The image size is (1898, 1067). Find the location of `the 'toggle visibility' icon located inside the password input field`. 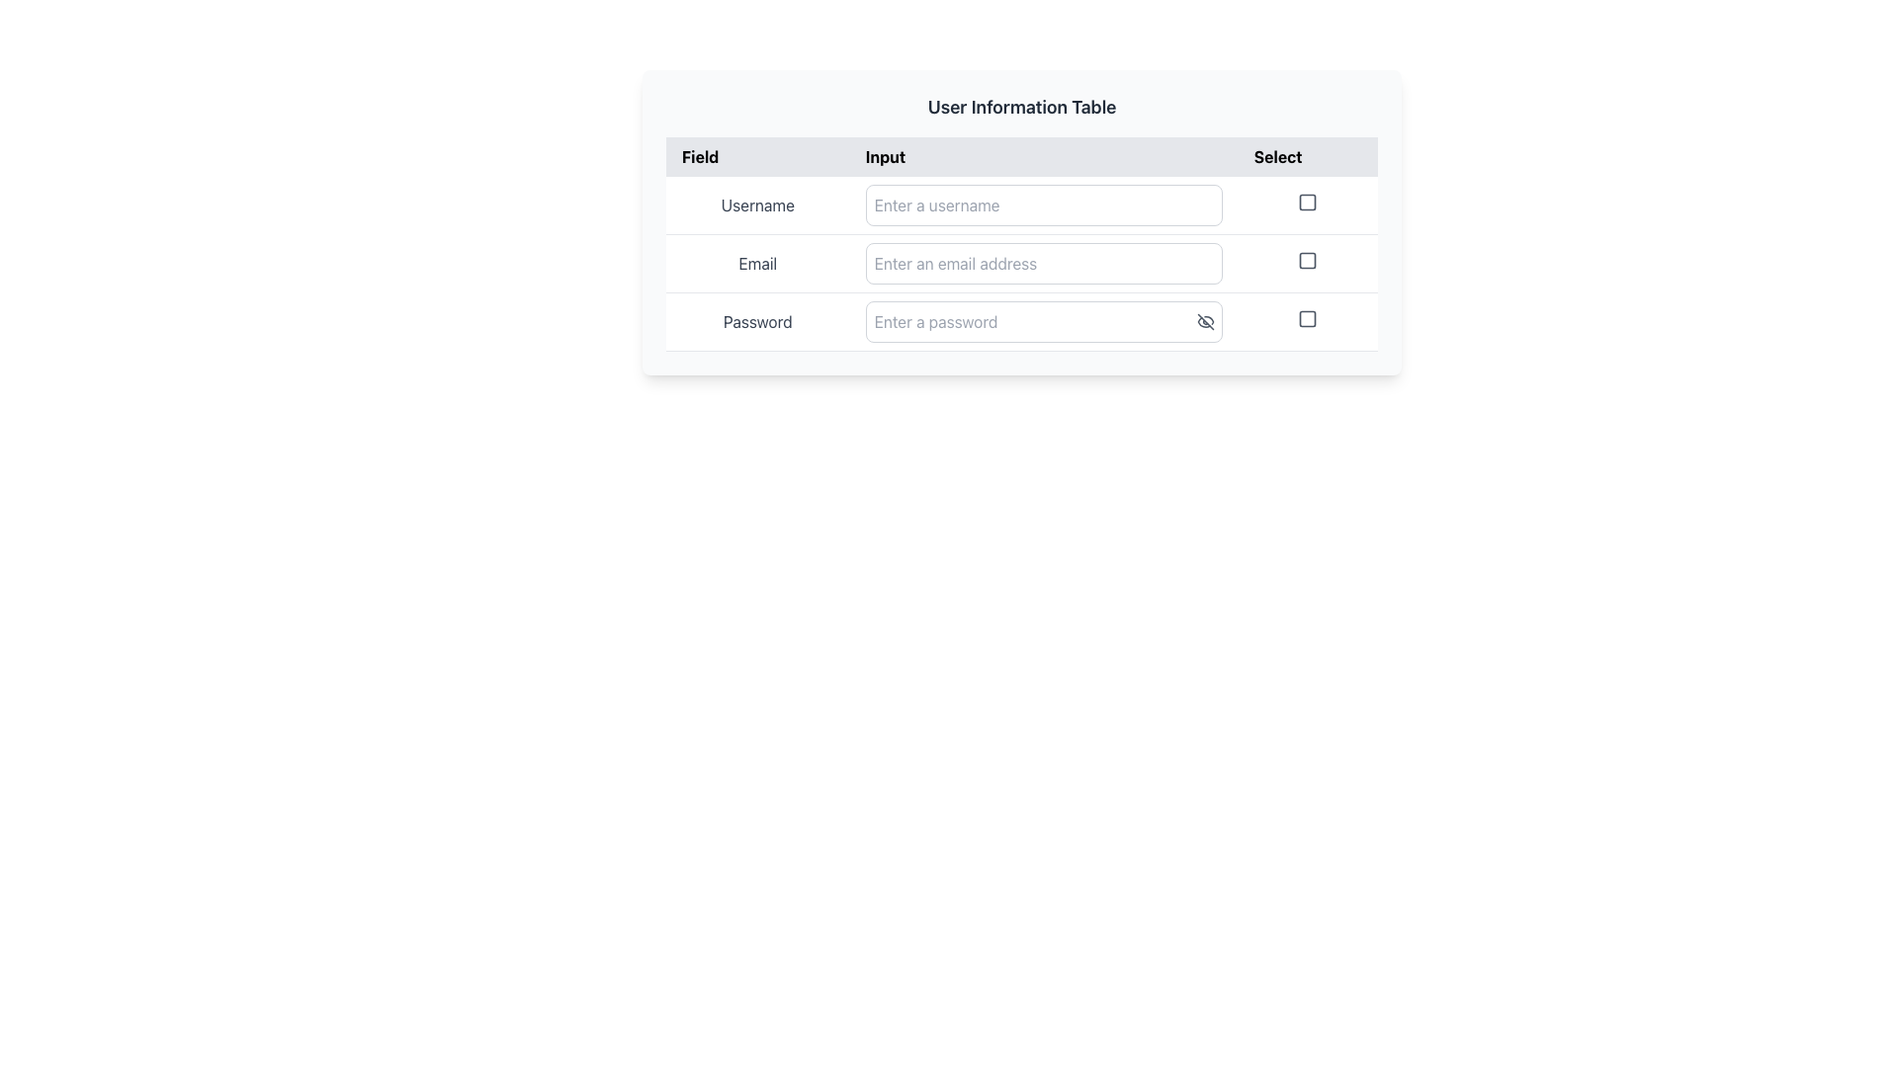

the 'toggle visibility' icon located inside the password input field is located at coordinates (1204, 321).